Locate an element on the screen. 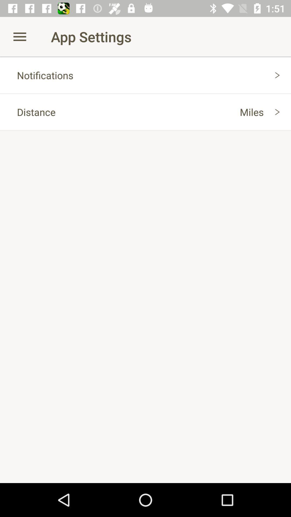 The height and width of the screenshot is (517, 291). notifications icon is located at coordinates (145, 75).